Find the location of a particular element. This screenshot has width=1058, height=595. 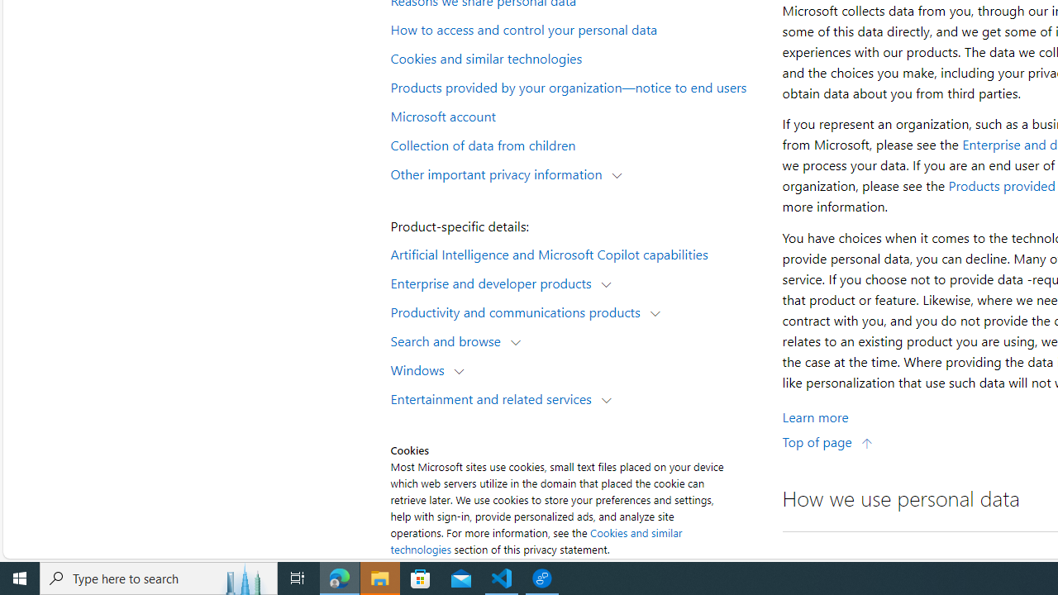

'Other important privacy information' is located at coordinates (499, 173).